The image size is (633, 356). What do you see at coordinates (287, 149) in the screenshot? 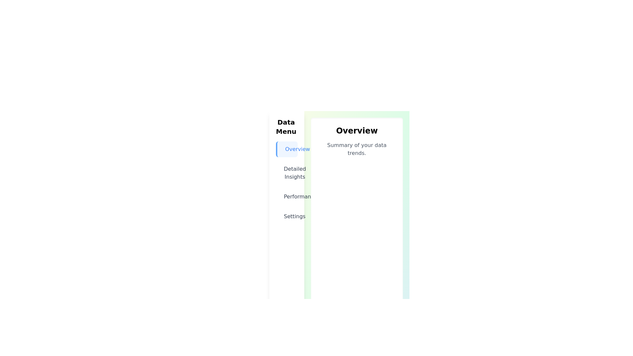
I see `the menu item labeled Overview` at bounding box center [287, 149].